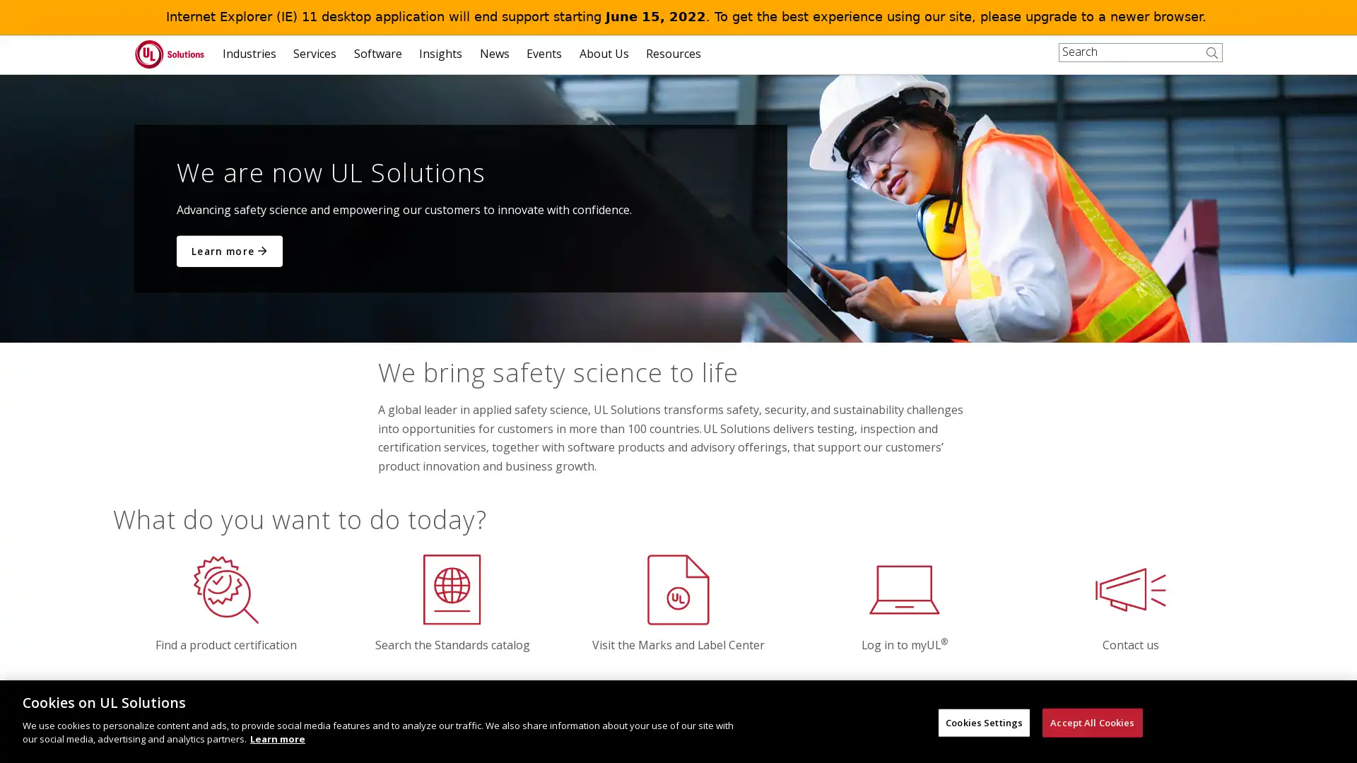 The height and width of the screenshot is (763, 1357). What do you see at coordinates (1214, 61) in the screenshot?
I see `Search` at bounding box center [1214, 61].